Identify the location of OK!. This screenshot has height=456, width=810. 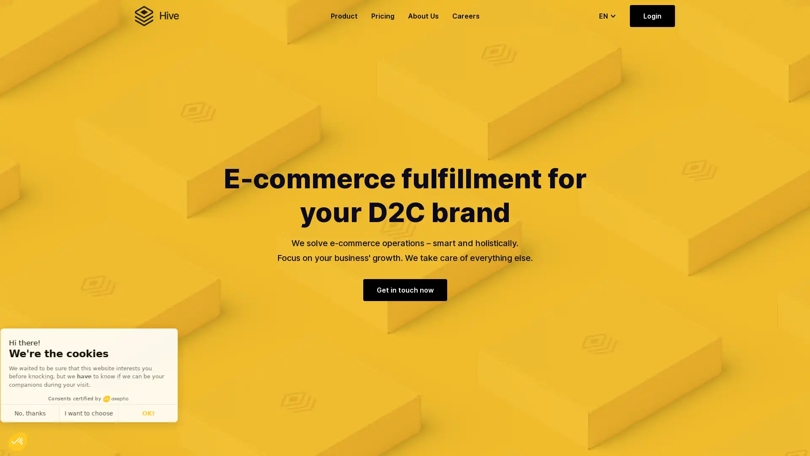
(156, 413).